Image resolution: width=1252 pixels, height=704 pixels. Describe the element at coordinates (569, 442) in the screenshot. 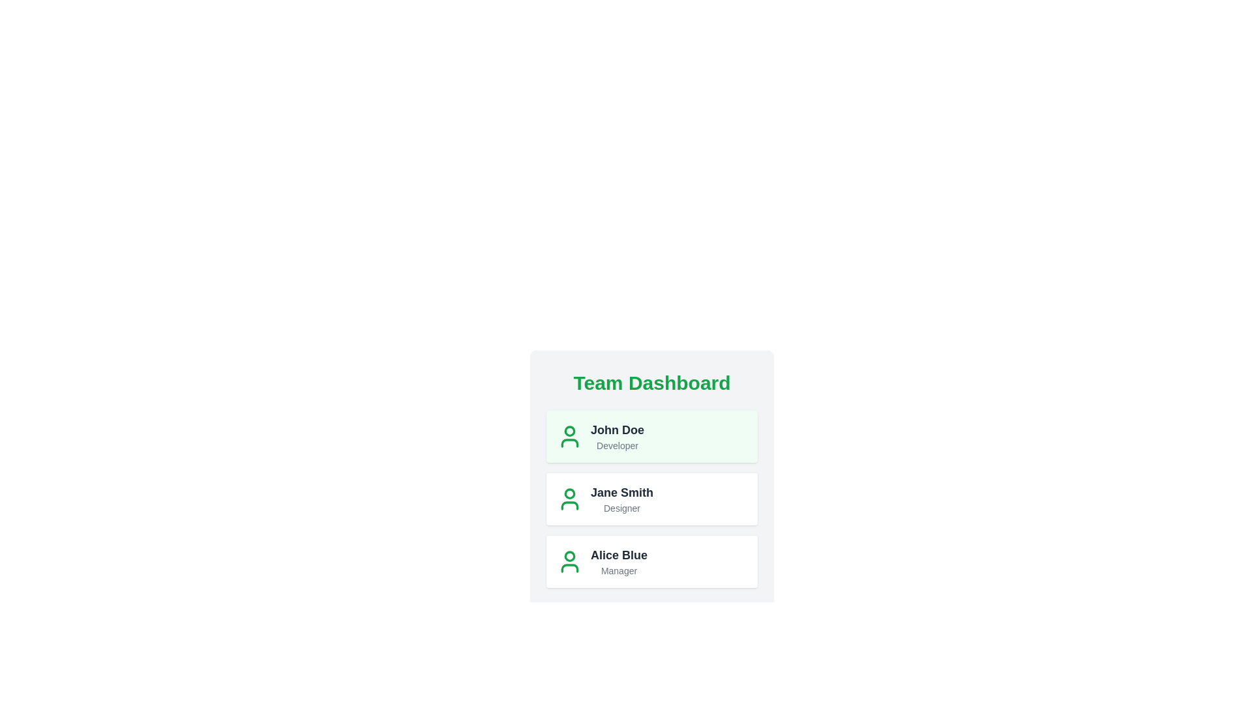

I see `the green lower torso part of the user icon located in the user profile card at the top of the 'Team Dashboard' section` at that location.